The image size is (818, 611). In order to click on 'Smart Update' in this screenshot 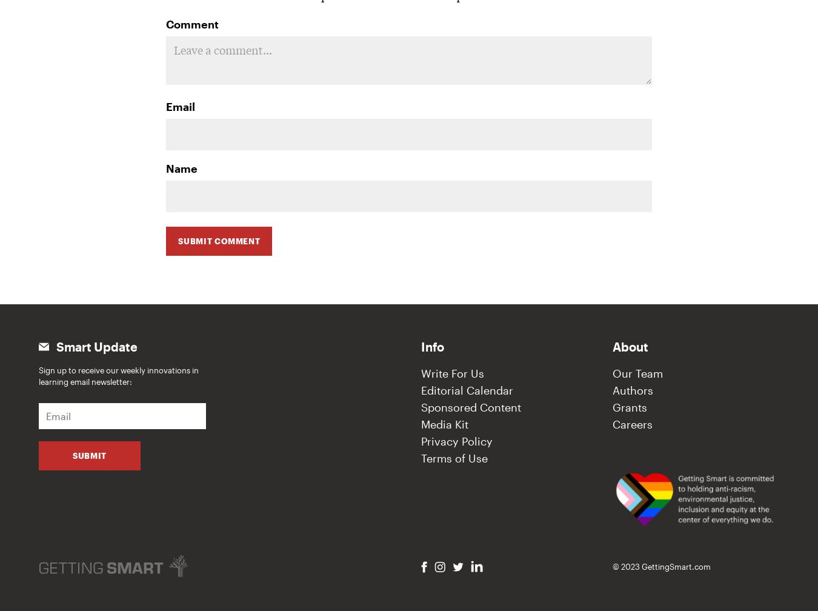, I will do `click(56, 347)`.